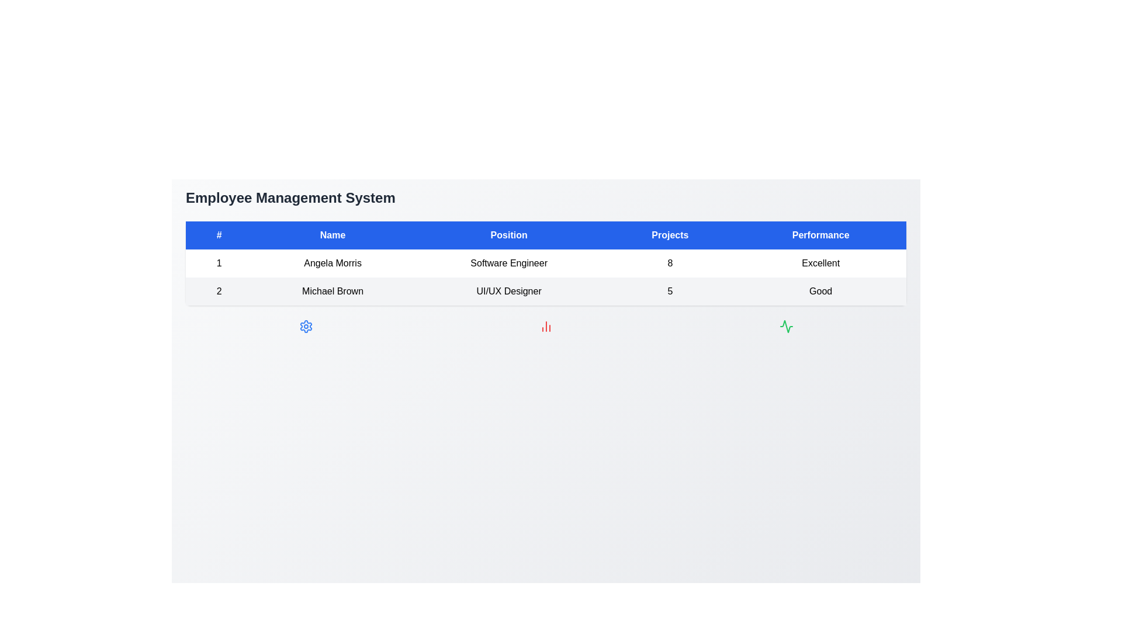 The image size is (1122, 631). Describe the element at coordinates (820, 290) in the screenshot. I see `the performance rating text label for 'Michael Brown' located in the 'Performance' column of the data table` at that location.